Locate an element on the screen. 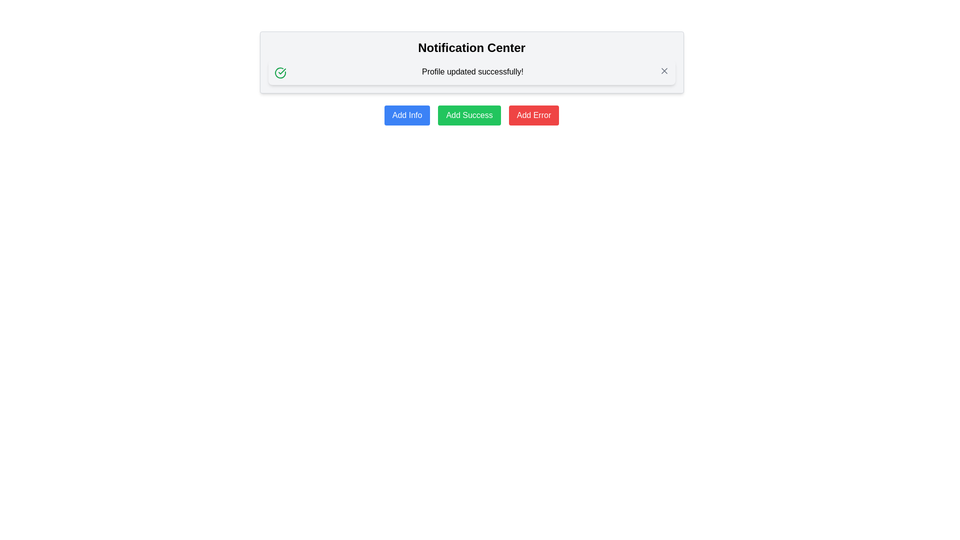 Image resolution: width=960 pixels, height=540 pixels. the second button in the row of three buttons under the 'Notification Center' header is located at coordinates (469, 115).